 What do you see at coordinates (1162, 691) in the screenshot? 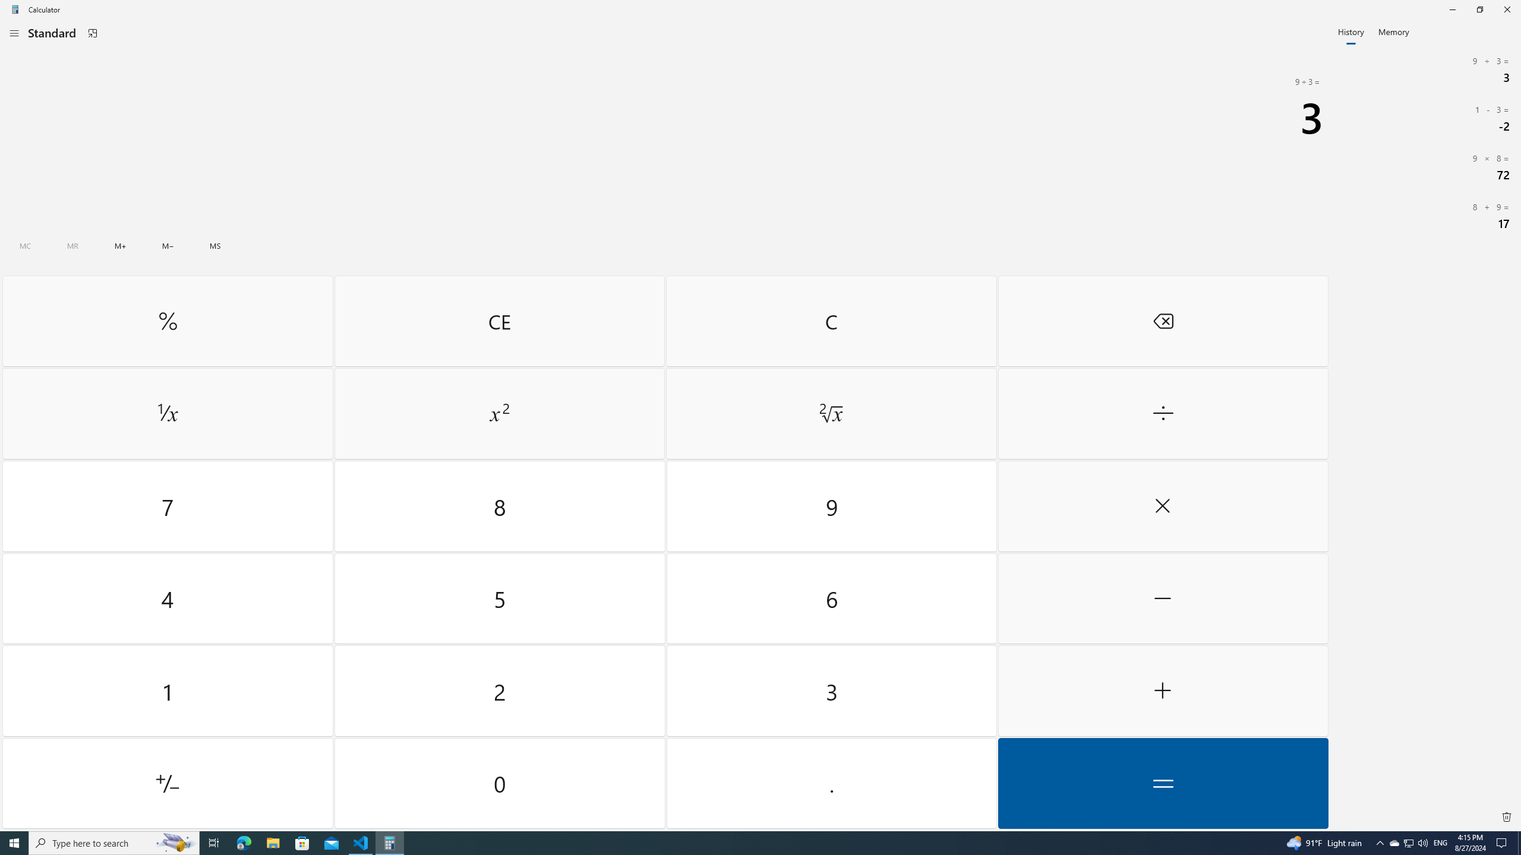
I see `'Plus'` at bounding box center [1162, 691].